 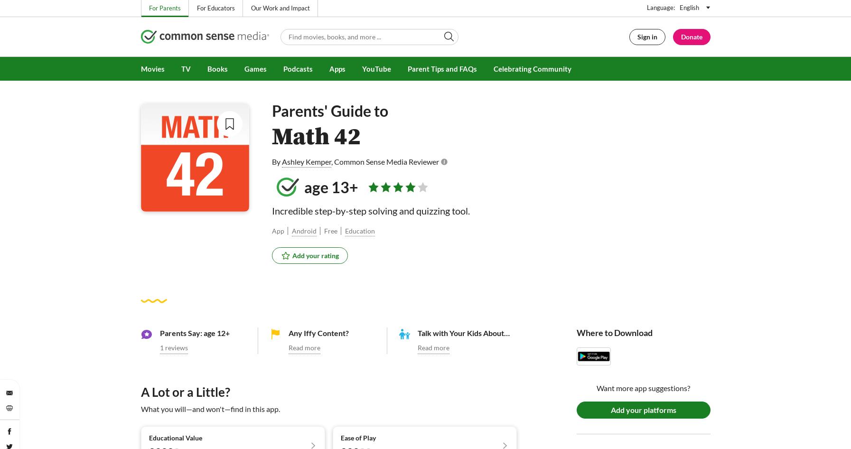 I want to click on 'Add your rating', so click(x=314, y=255).